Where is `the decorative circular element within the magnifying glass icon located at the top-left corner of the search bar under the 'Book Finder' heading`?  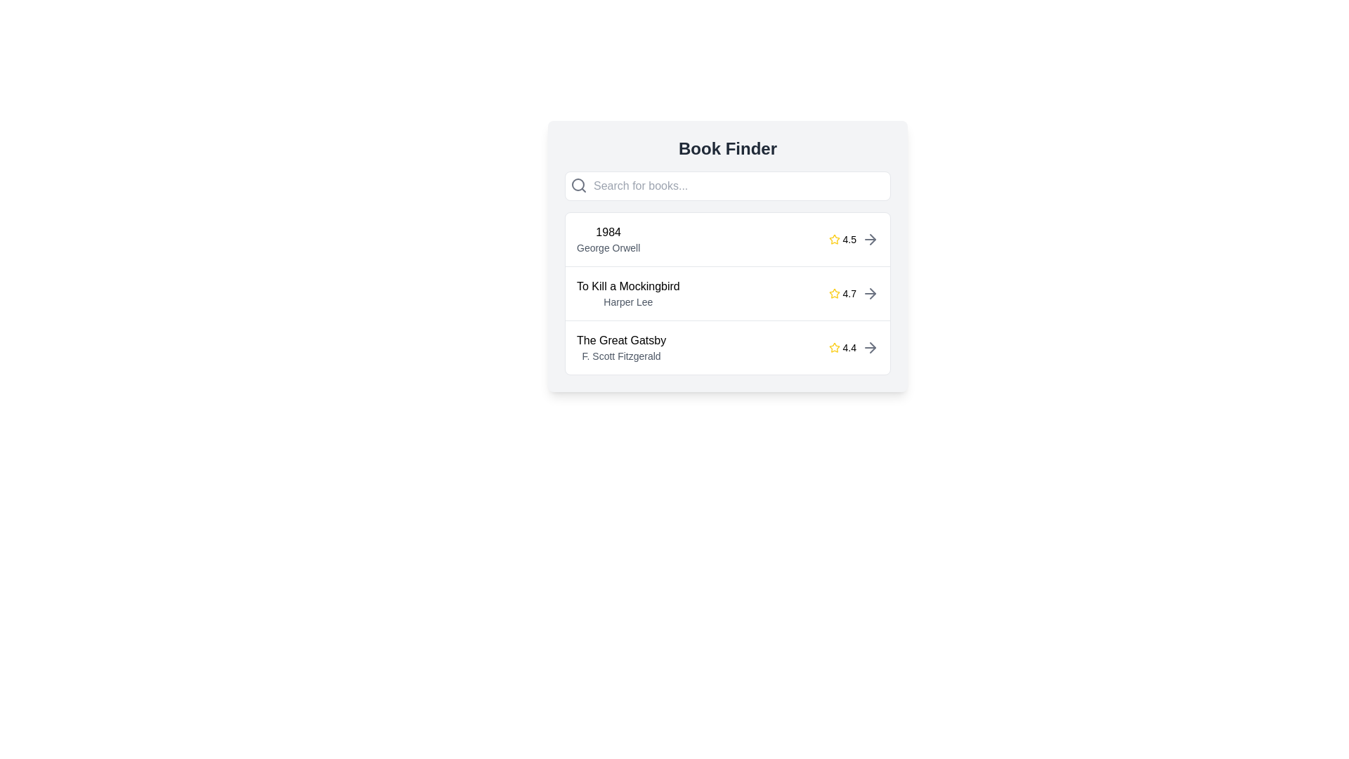 the decorative circular element within the magnifying glass icon located at the top-left corner of the search bar under the 'Book Finder' heading is located at coordinates (578, 183).